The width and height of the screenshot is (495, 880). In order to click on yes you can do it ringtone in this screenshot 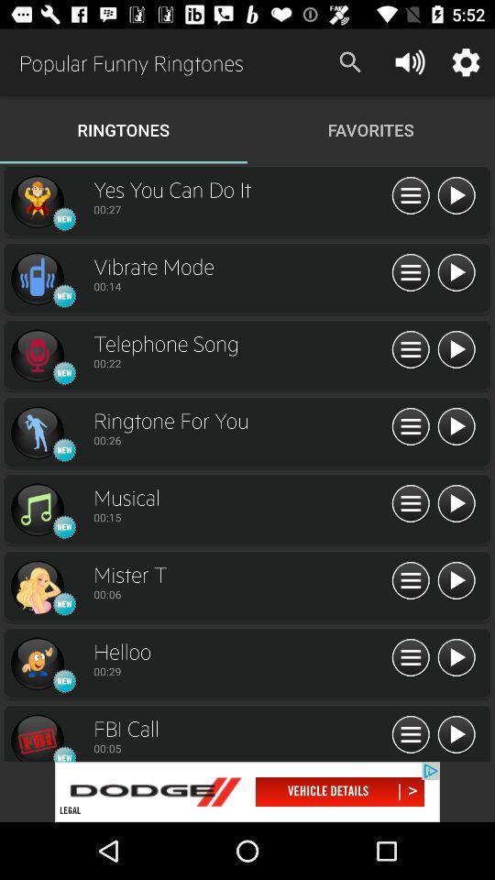, I will do `click(37, 202)`.